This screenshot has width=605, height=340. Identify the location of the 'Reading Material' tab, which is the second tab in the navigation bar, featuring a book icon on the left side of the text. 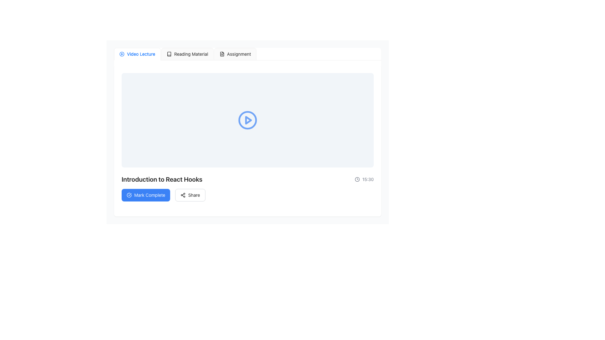
(187, 54).